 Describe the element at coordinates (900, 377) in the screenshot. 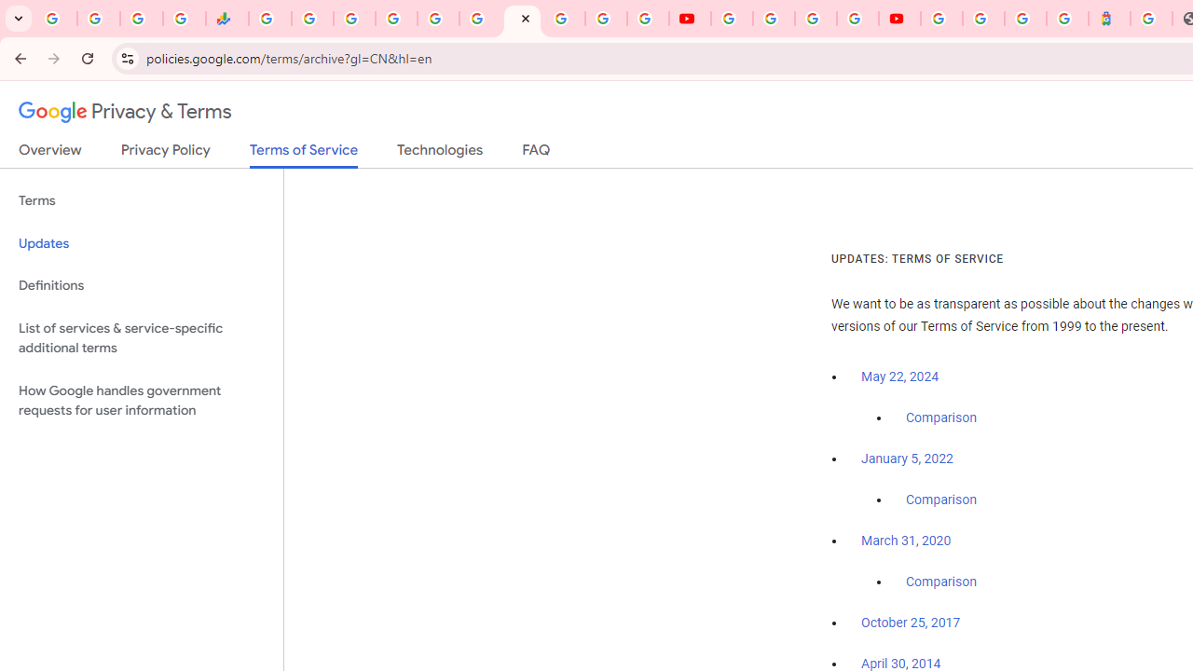

I see `'May 22, 2024'` at that location.